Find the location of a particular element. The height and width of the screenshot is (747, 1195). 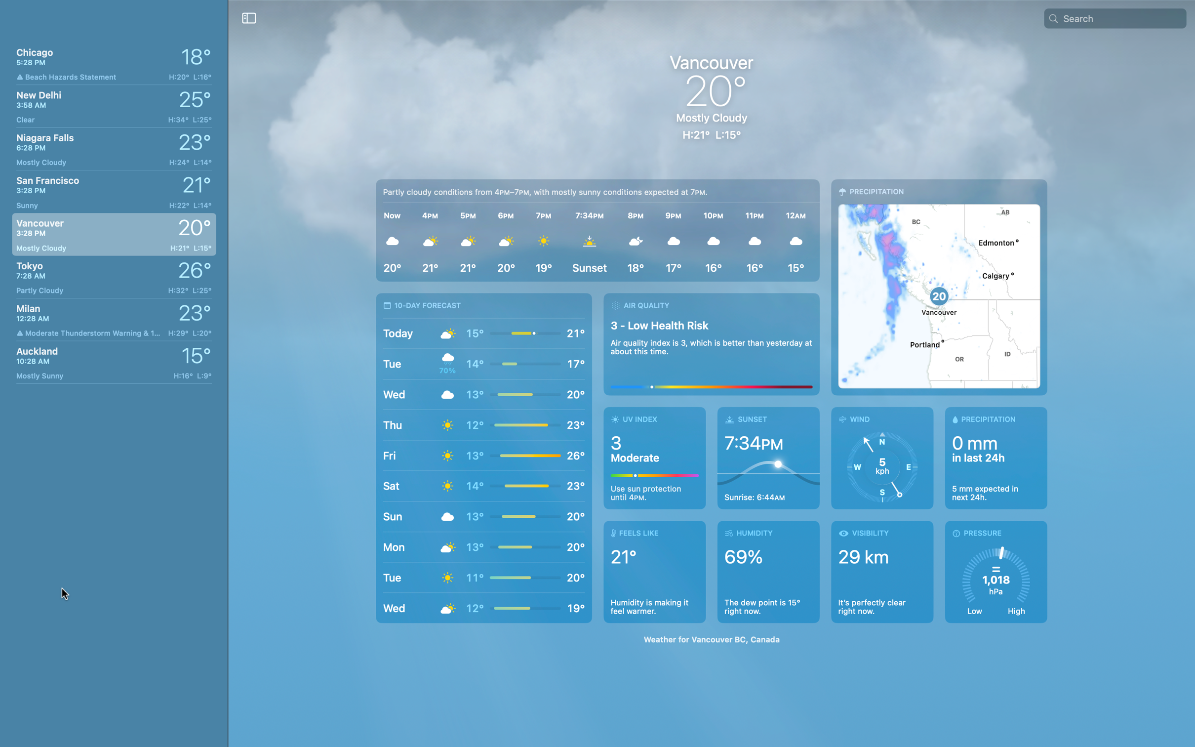

Check the sun"s placement in Vancouver is located at coordinates (768, 457).